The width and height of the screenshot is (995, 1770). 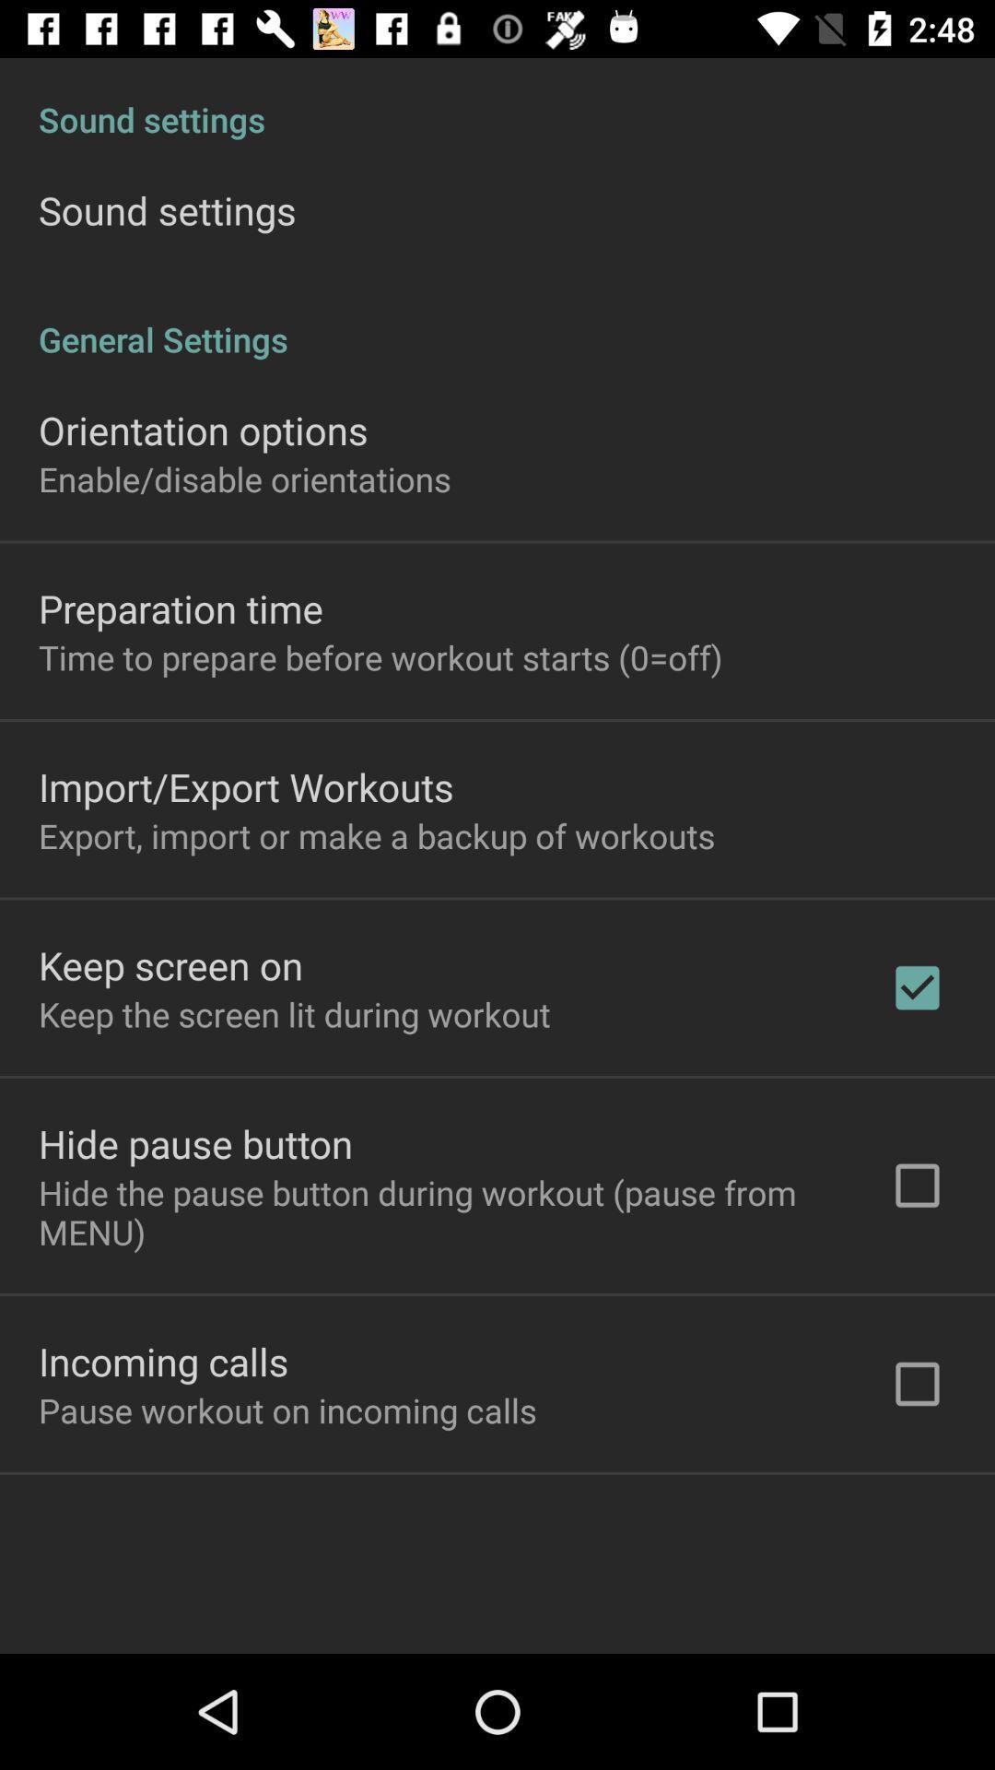 I want to click on item above the time to prepare item, so click(x=181, y=608).